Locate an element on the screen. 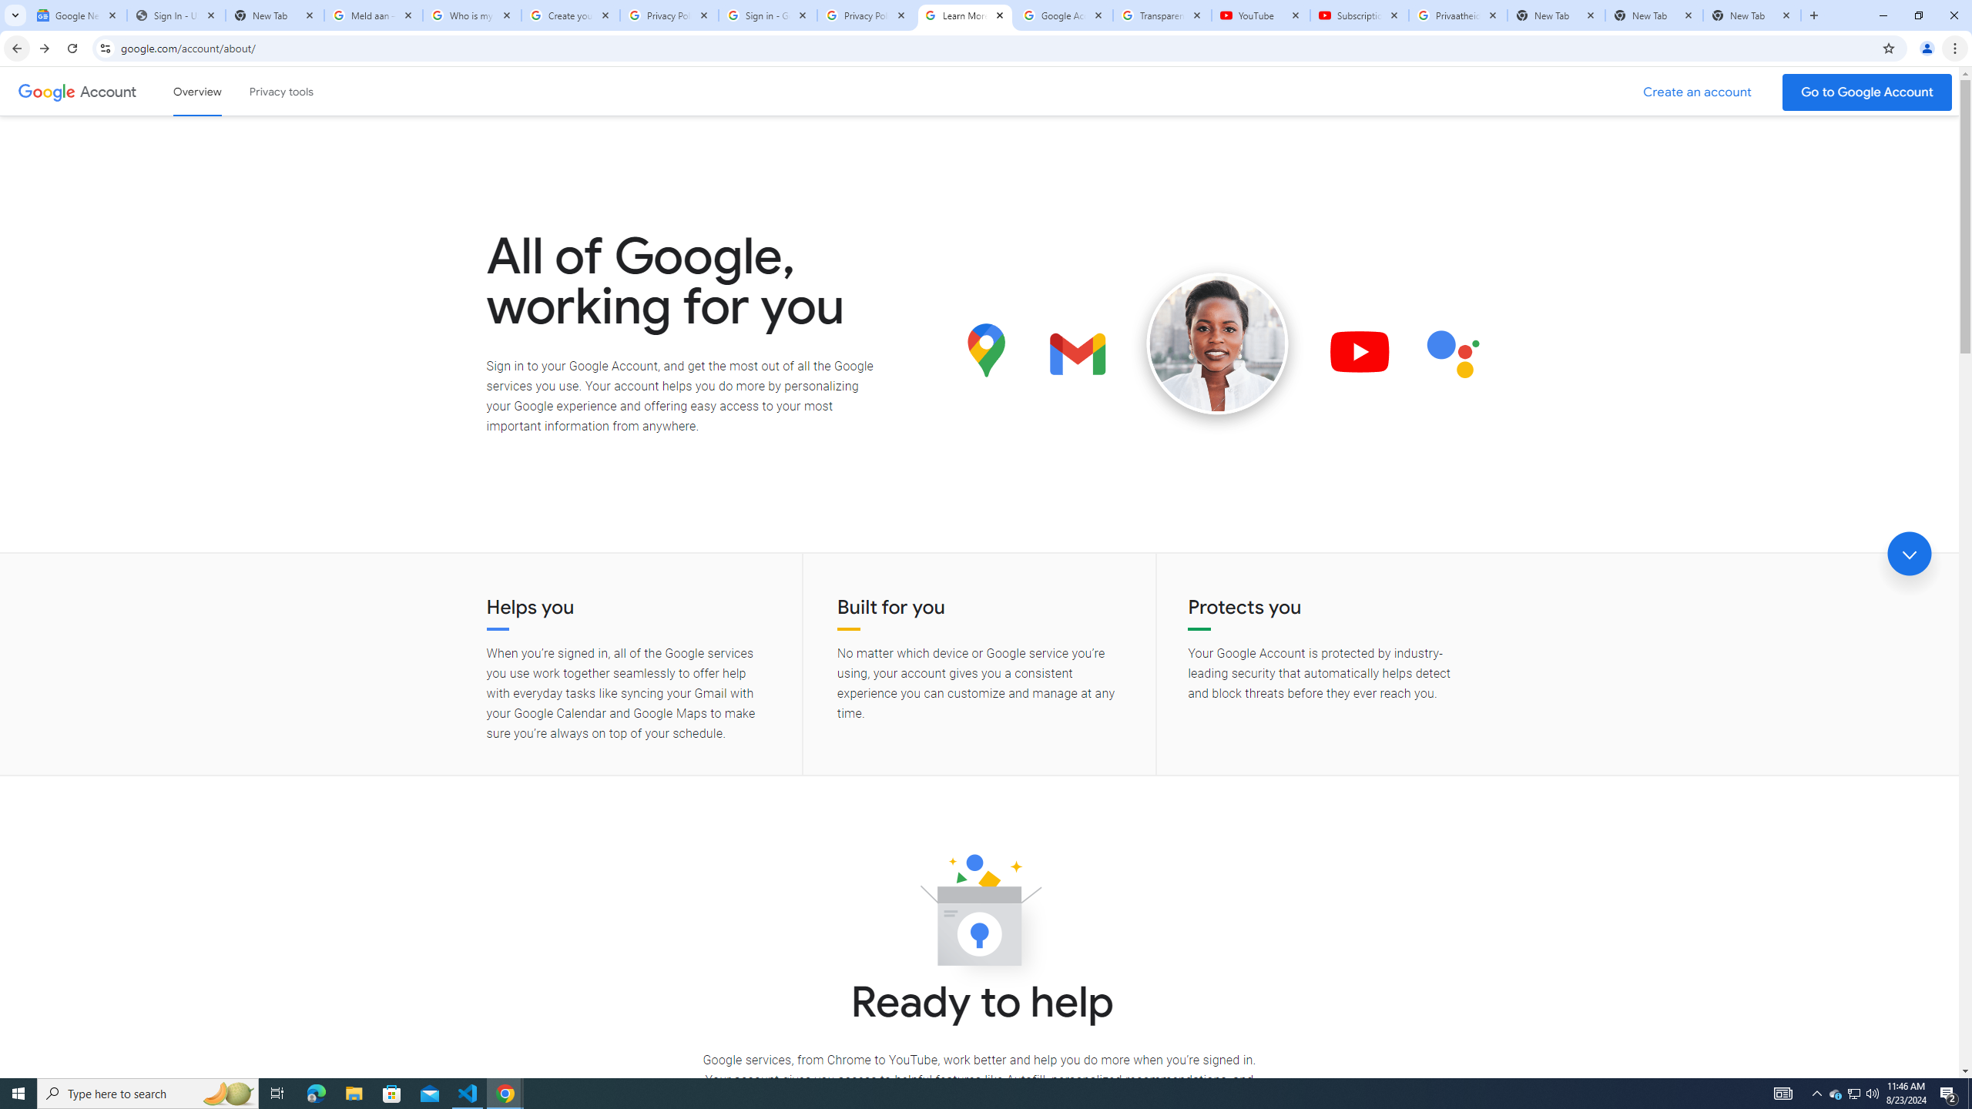  'Who is my administrator? - Google Account Help' is located at coordinates (471, 15).